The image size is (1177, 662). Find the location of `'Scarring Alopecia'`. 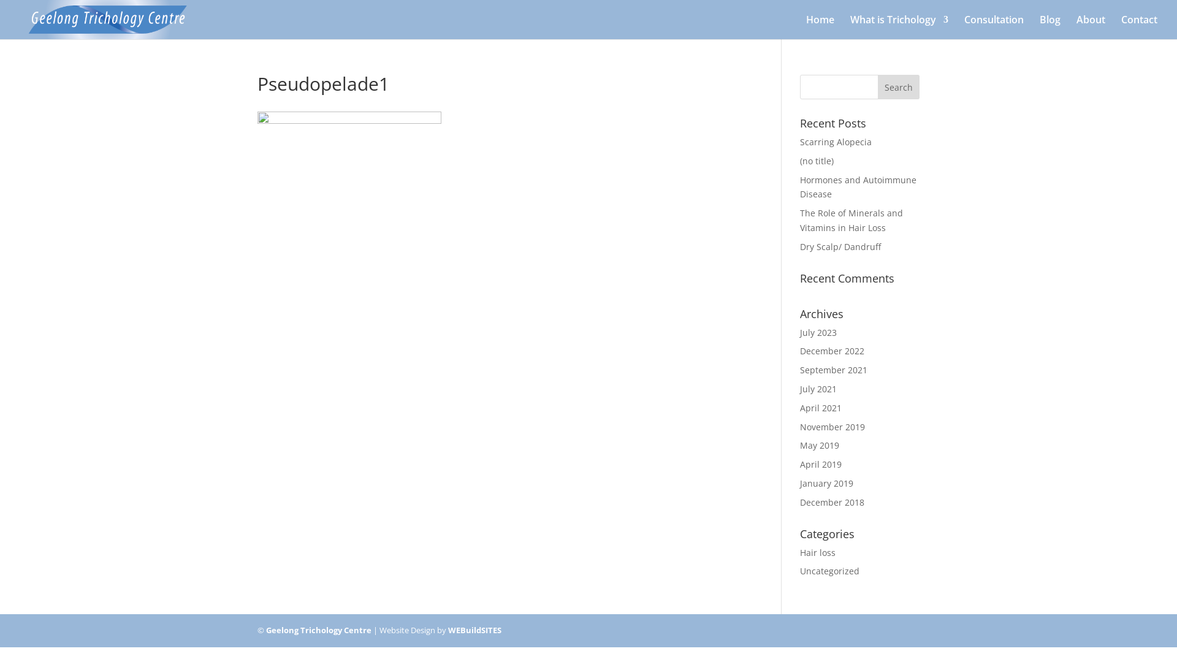

'Scarring Alopecia' is located at coordinates (835, 141).